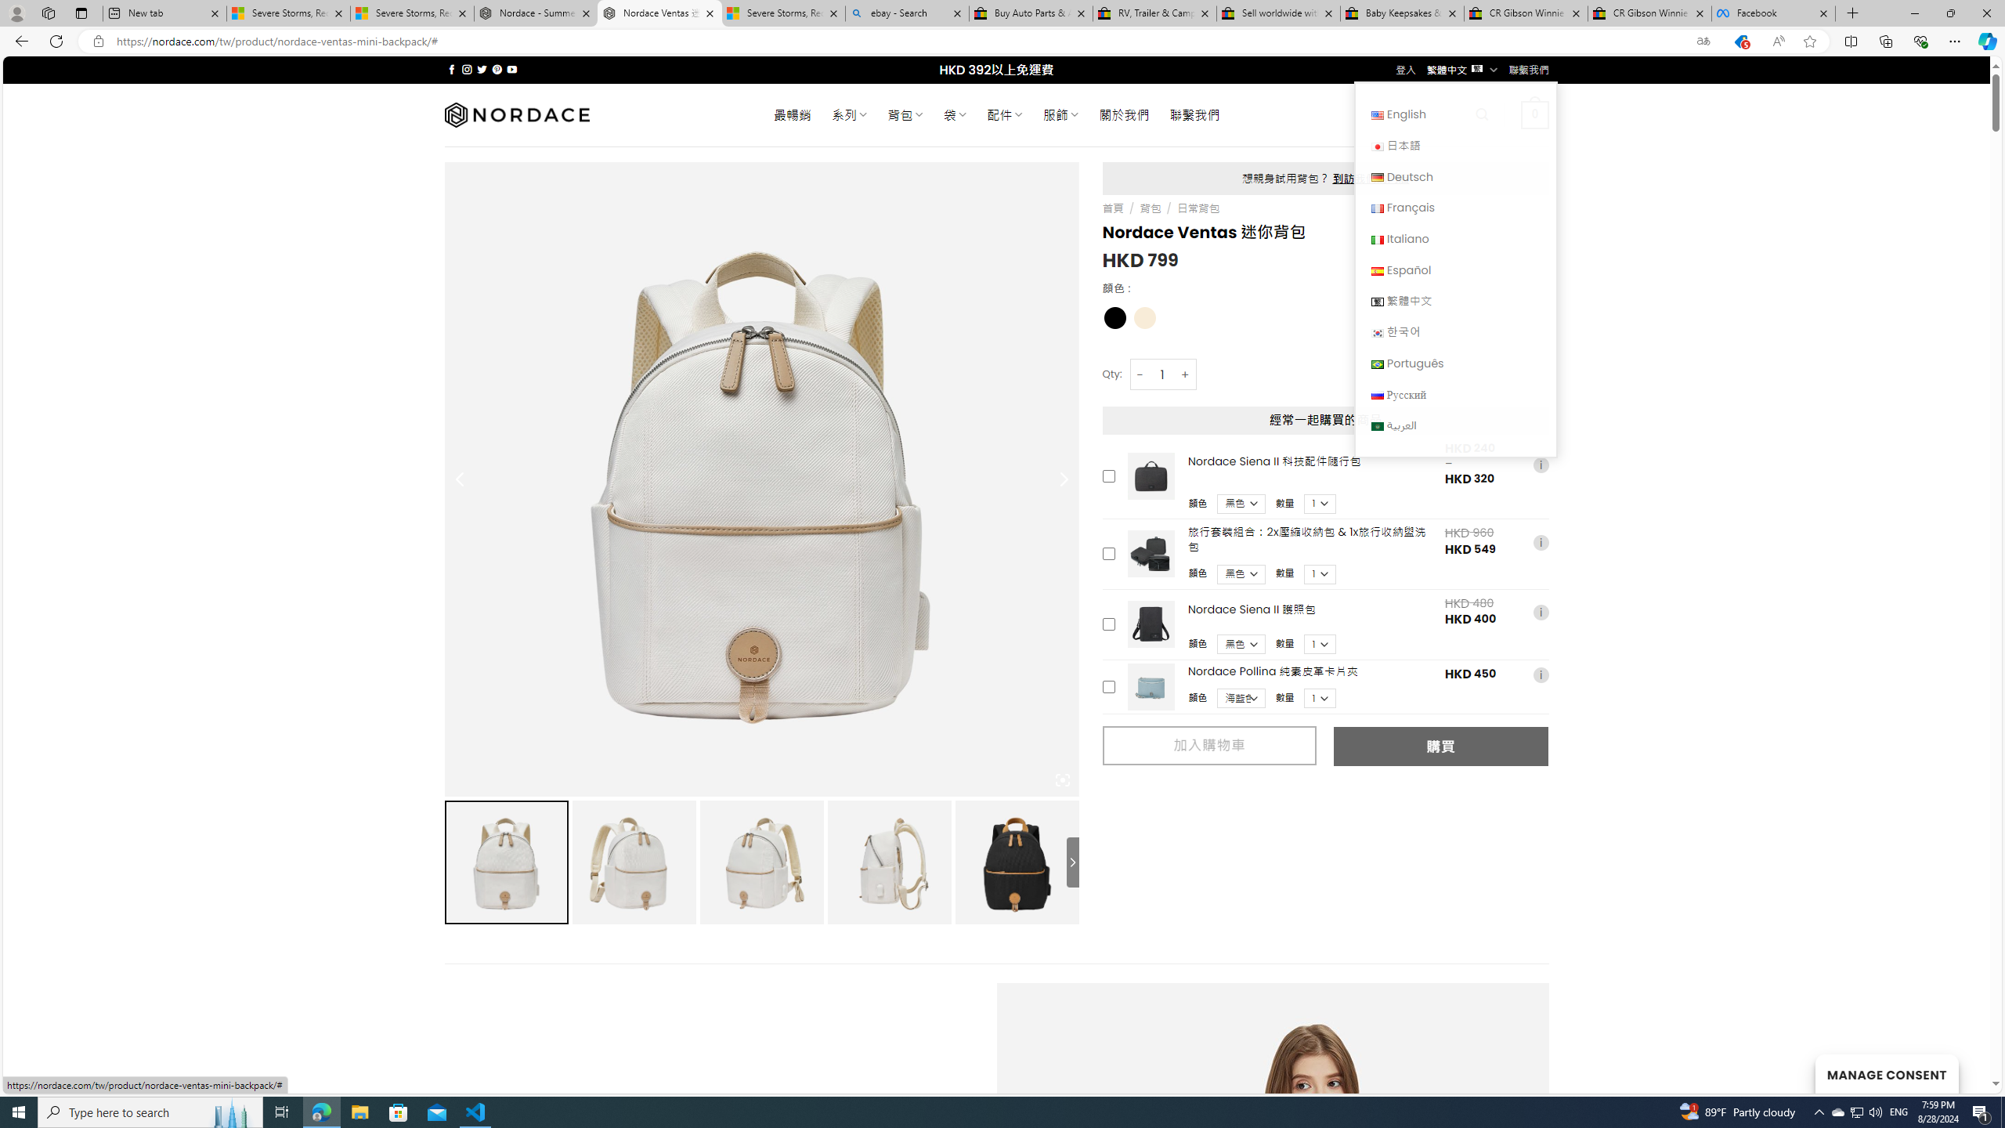 This screenshot has height=1128, width=2005. Describe the element at coordinates (1455, 237) in the screenshot. I see `' Italiano'` at that location.